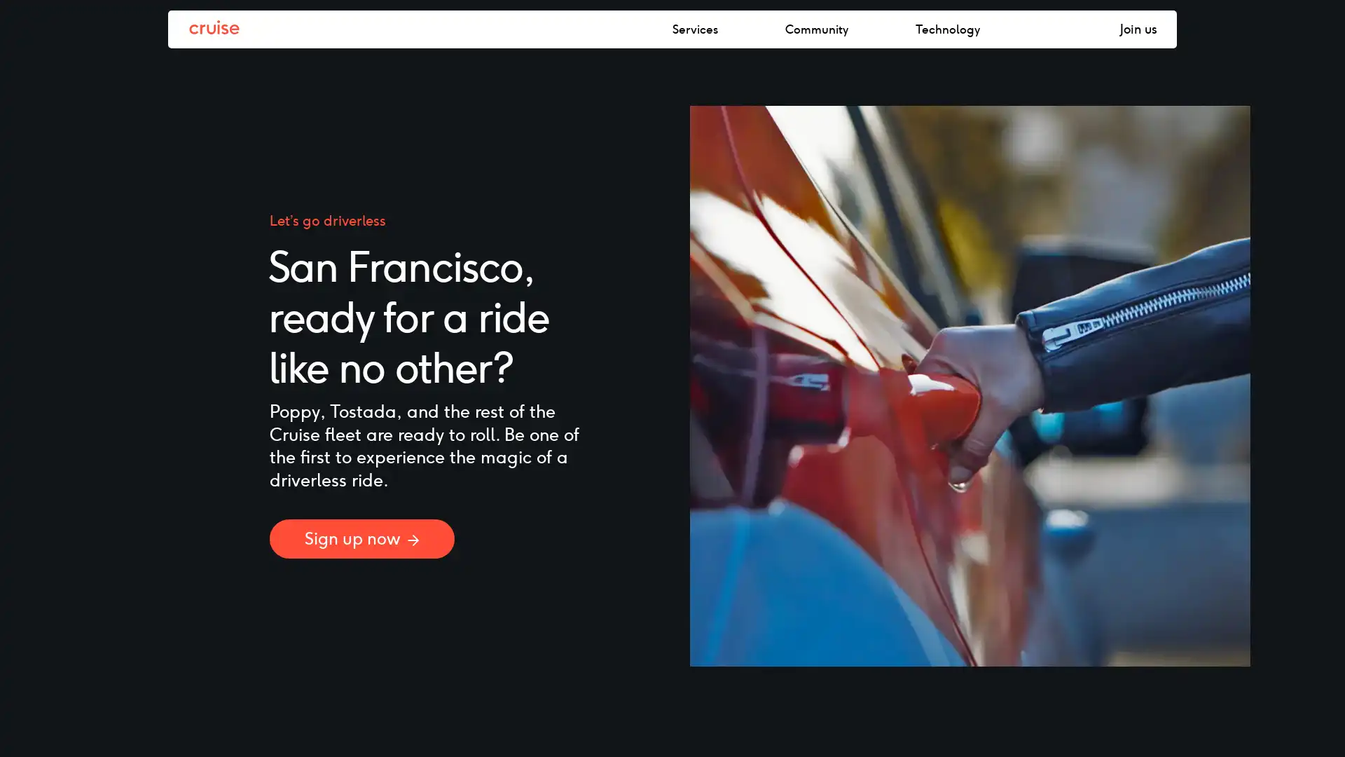 This screenshot has height=757, width=1345. I want to click on Sign up now, so click(362, 538).